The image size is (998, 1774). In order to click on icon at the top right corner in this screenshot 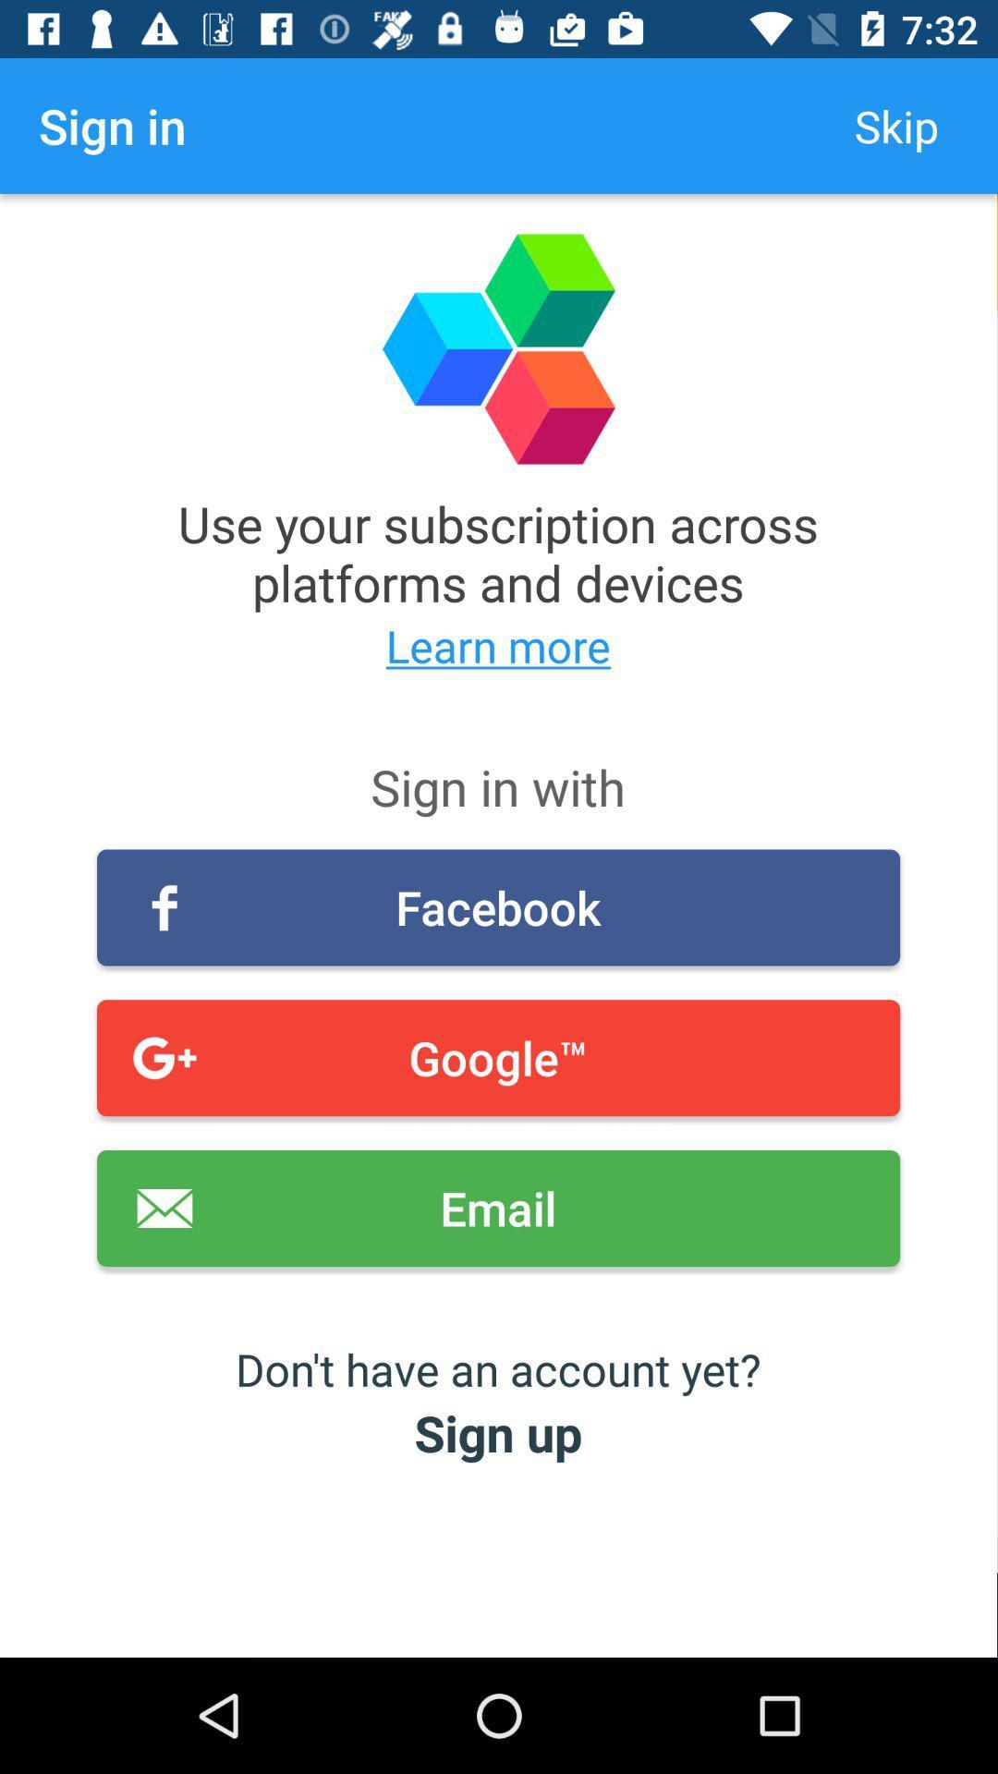, I will do `click(895, 125)`.